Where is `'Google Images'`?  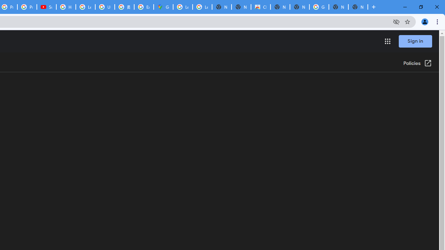 'Google Images' is located at coordinates (318, 7).